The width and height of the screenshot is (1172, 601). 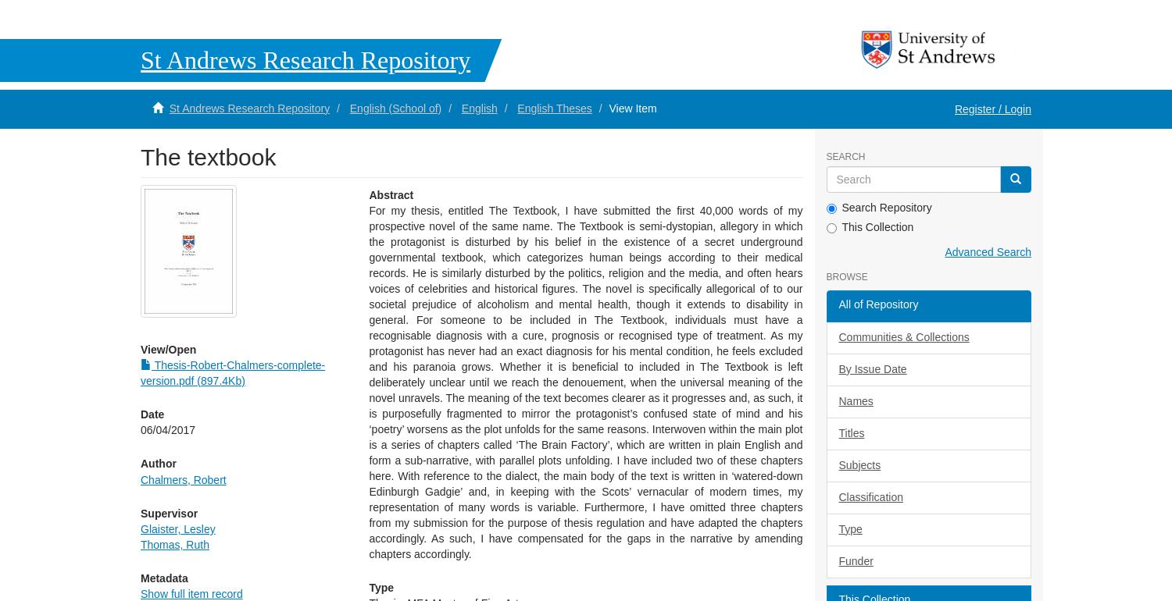 I want to click on 'Titles', so click(x=850, y=432).